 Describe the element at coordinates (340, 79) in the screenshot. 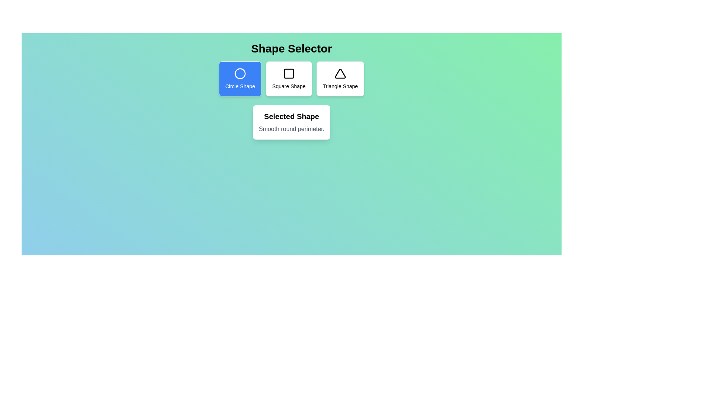

I see `the button corresponding to the shape triangle` at that location.